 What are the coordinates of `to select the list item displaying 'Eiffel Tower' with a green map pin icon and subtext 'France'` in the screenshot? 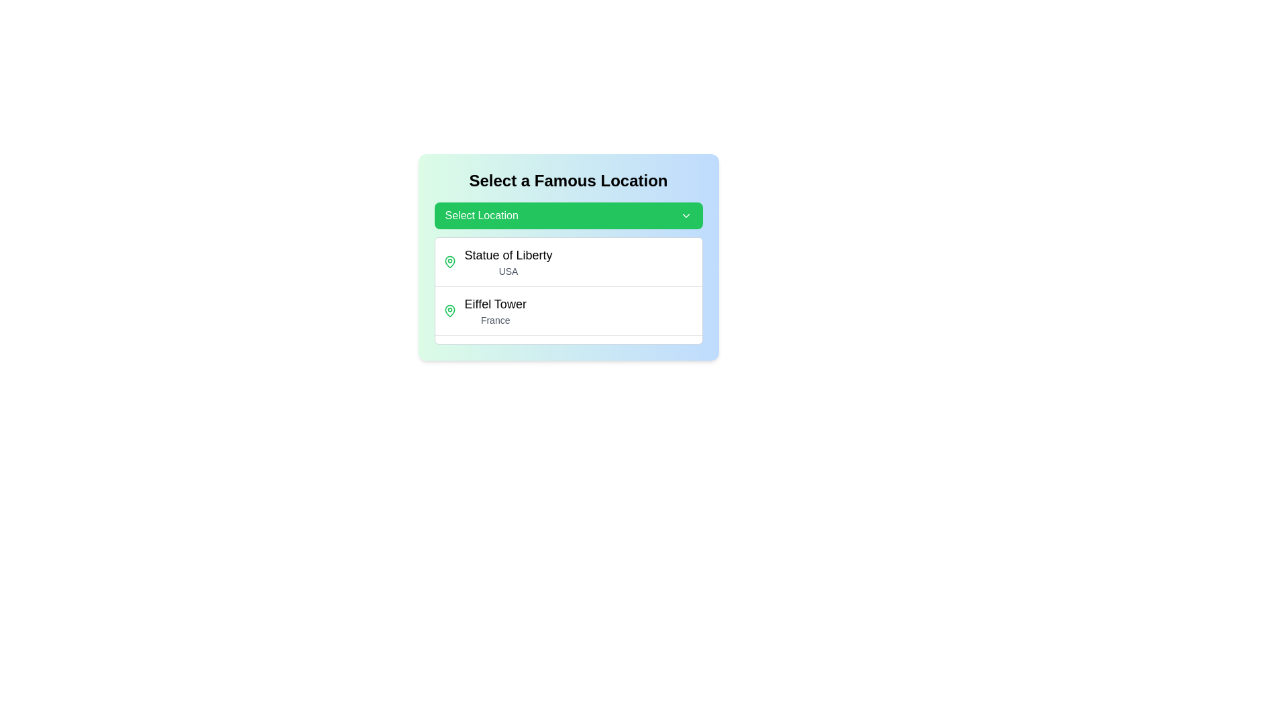 It's located at (484, 310).